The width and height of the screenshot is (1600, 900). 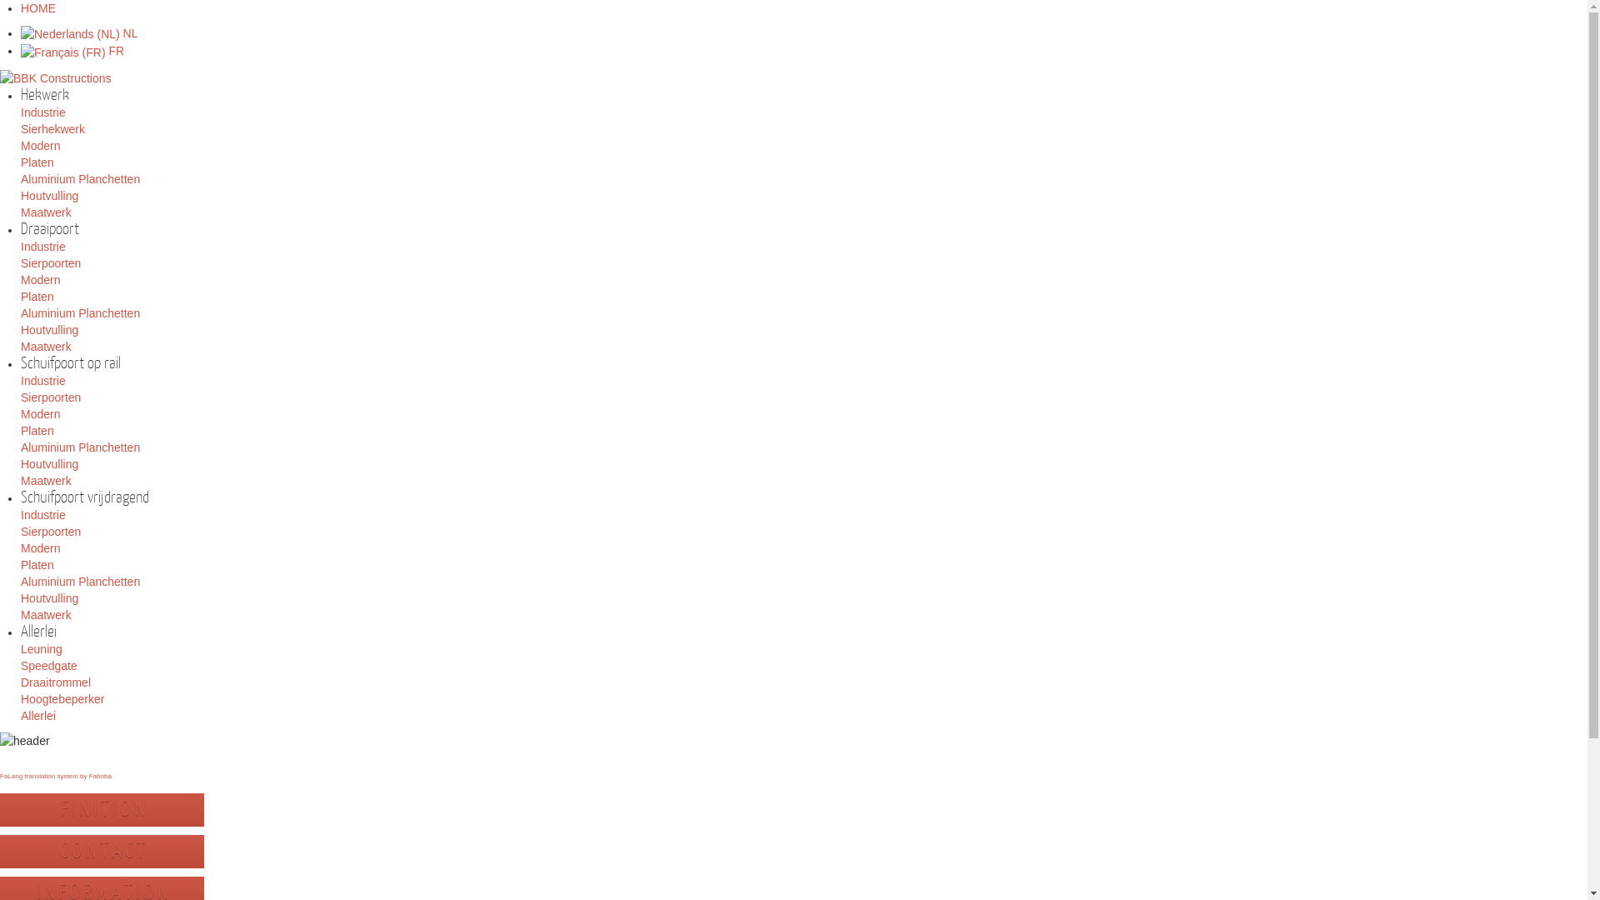 What do you see at coordinates (38, 8) in the screenshot?
I see `'HOME'` at bounding box center [38, 8].